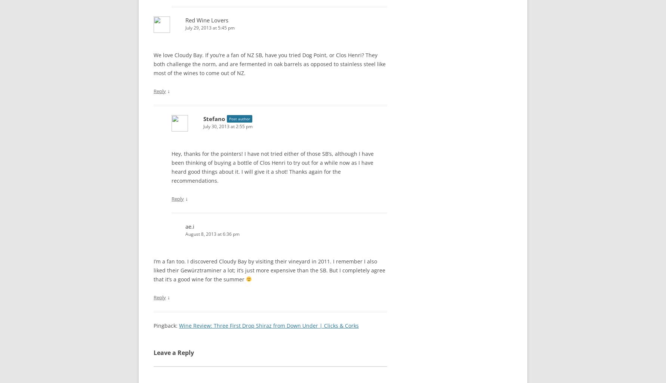 The image size is (666, 383). What do you see at coordinates (153, 325) in the screenshot?
I see `'Pingback:'` at bounding box center [153, 325].